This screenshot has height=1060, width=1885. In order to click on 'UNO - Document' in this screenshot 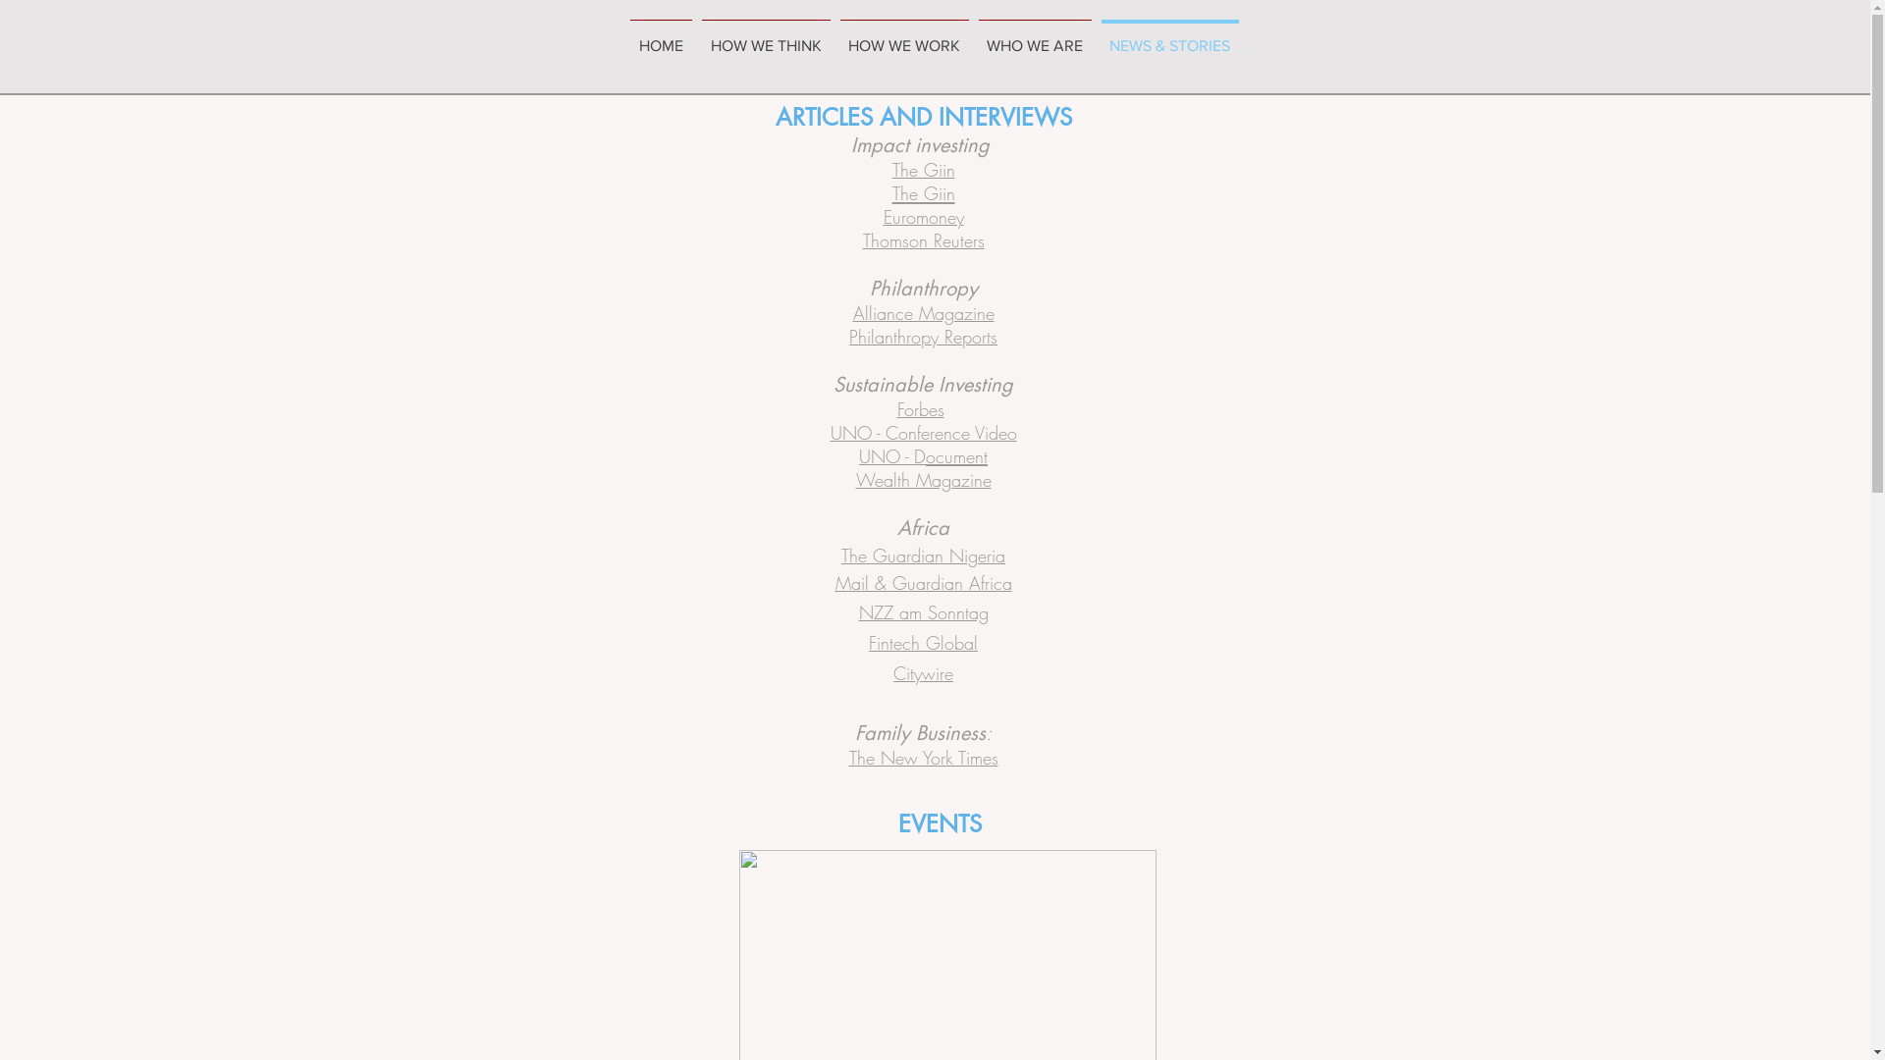, I will do `click(922, 456)`.